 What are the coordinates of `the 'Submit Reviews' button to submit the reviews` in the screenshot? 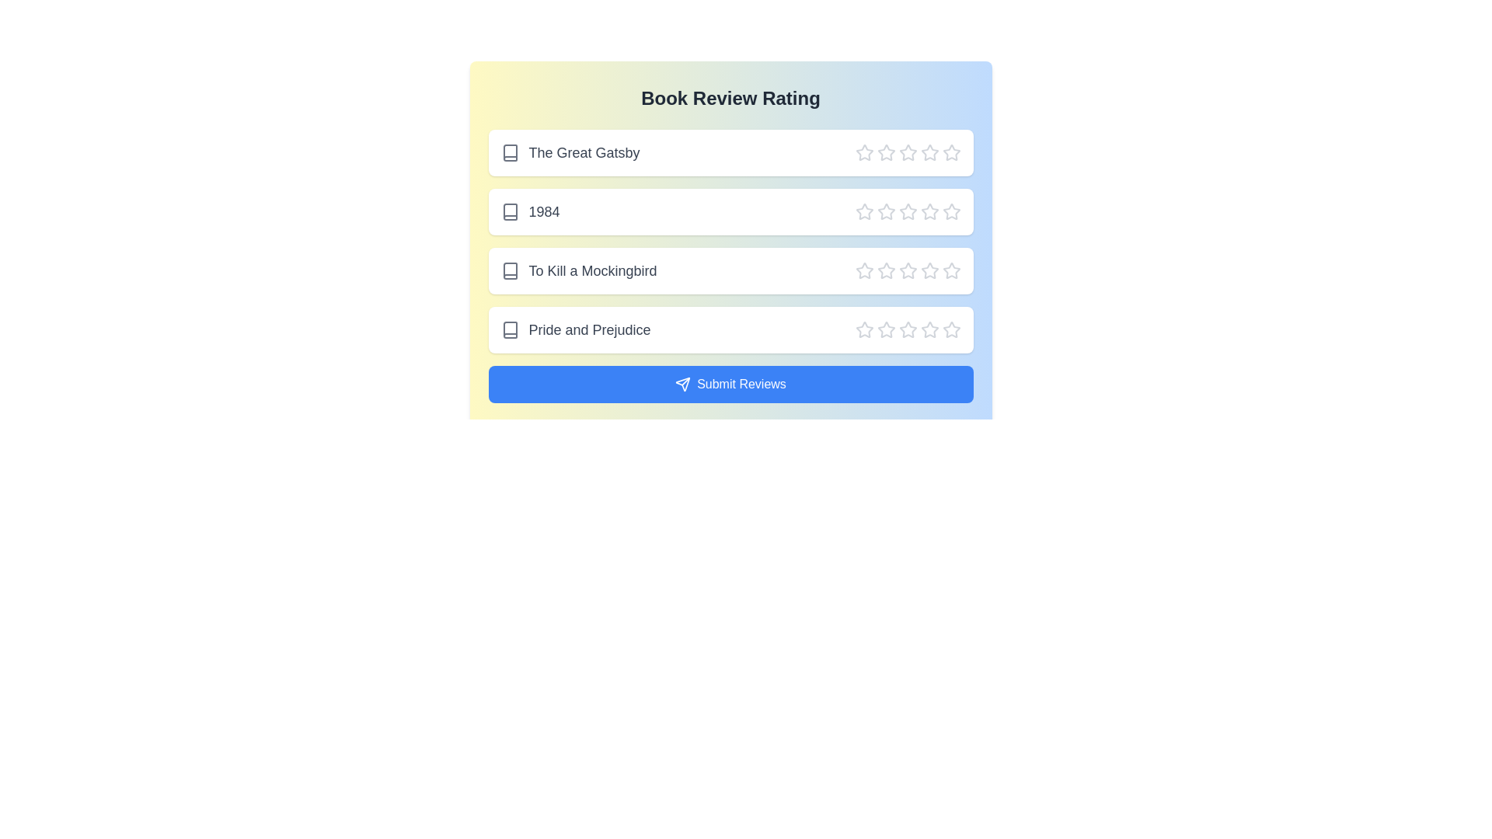 It's located at (730, 384).